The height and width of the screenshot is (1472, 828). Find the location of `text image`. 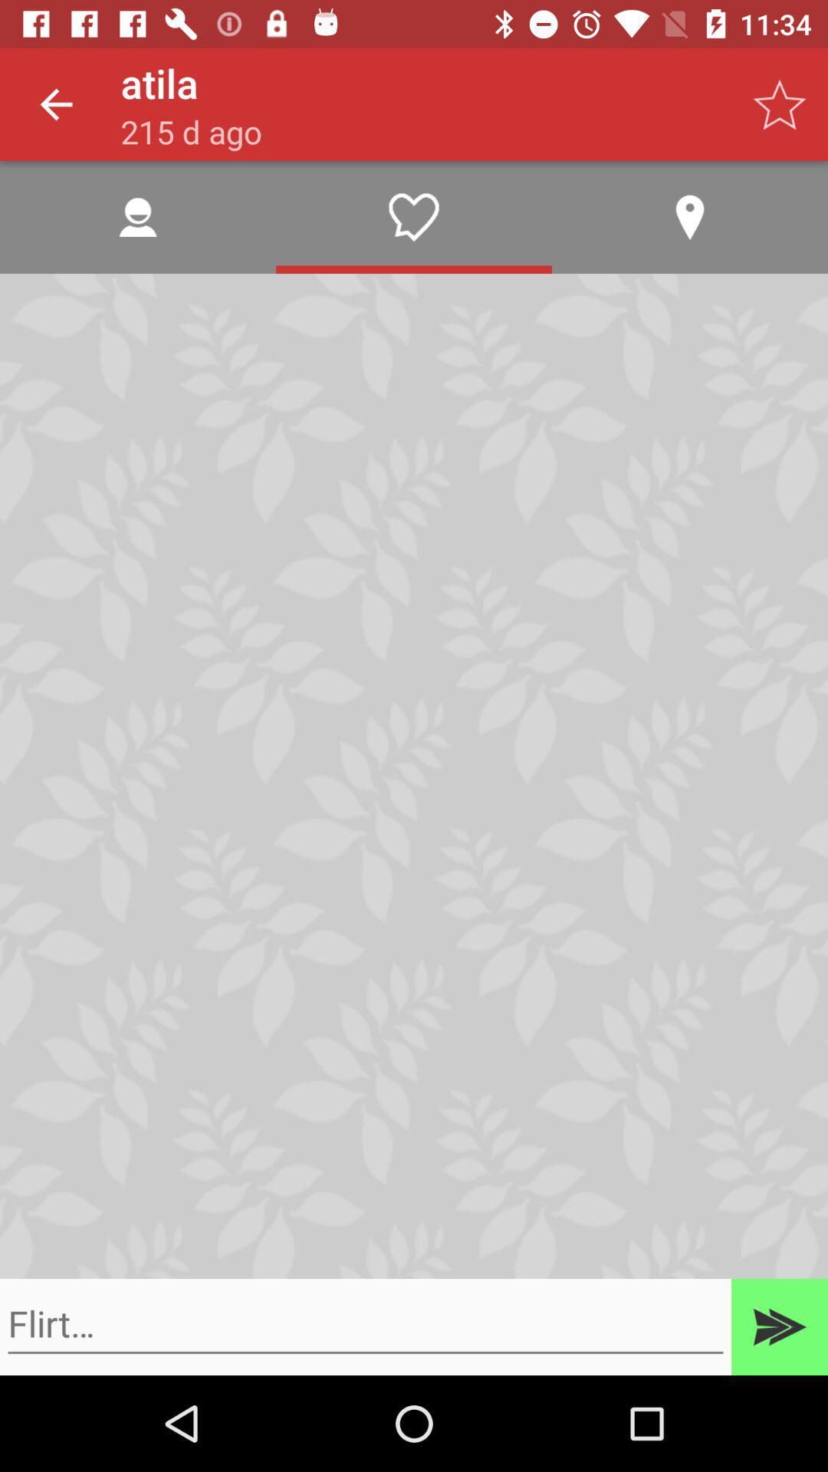

text image is located at coordinates (366, 1323).